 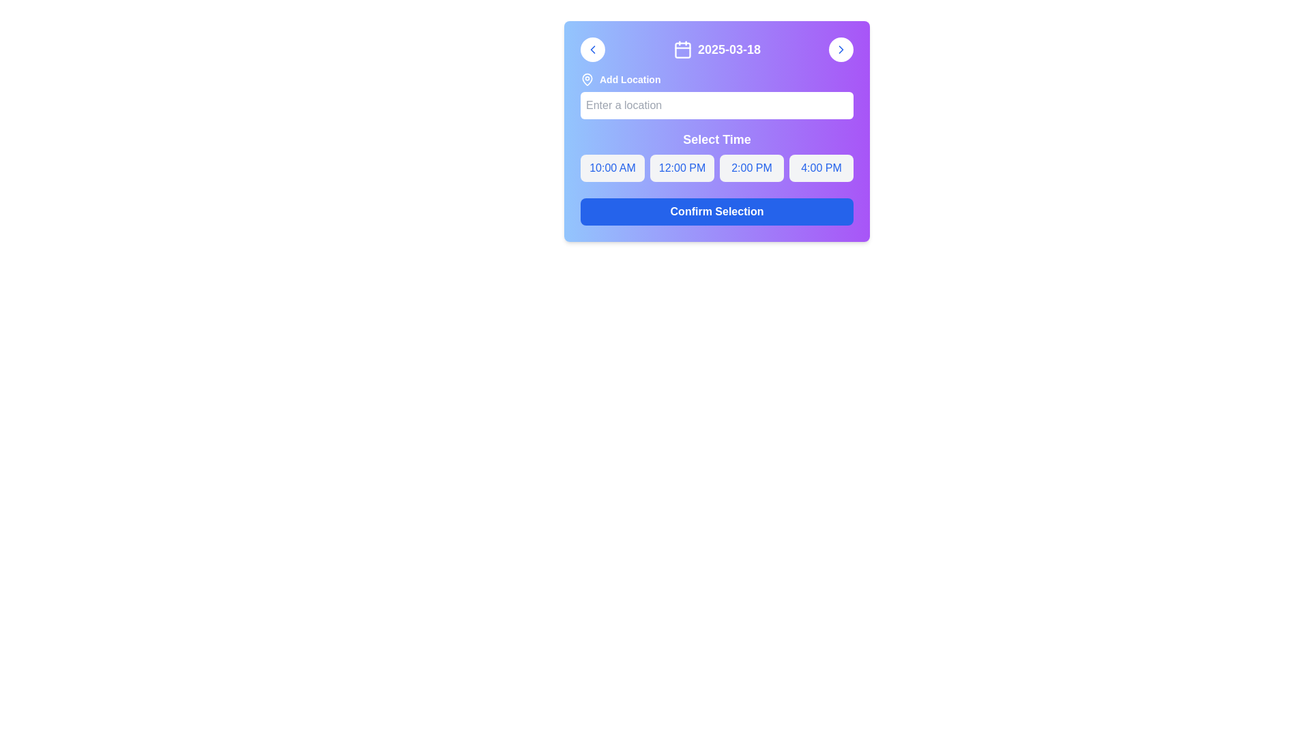 What do you see at coordinates (751, 167) in the screenshot?
I see `the button labeled '2:00 PM', which is a rounded rectangle with a light gray background and blue text` at bounding box center [751, 167].